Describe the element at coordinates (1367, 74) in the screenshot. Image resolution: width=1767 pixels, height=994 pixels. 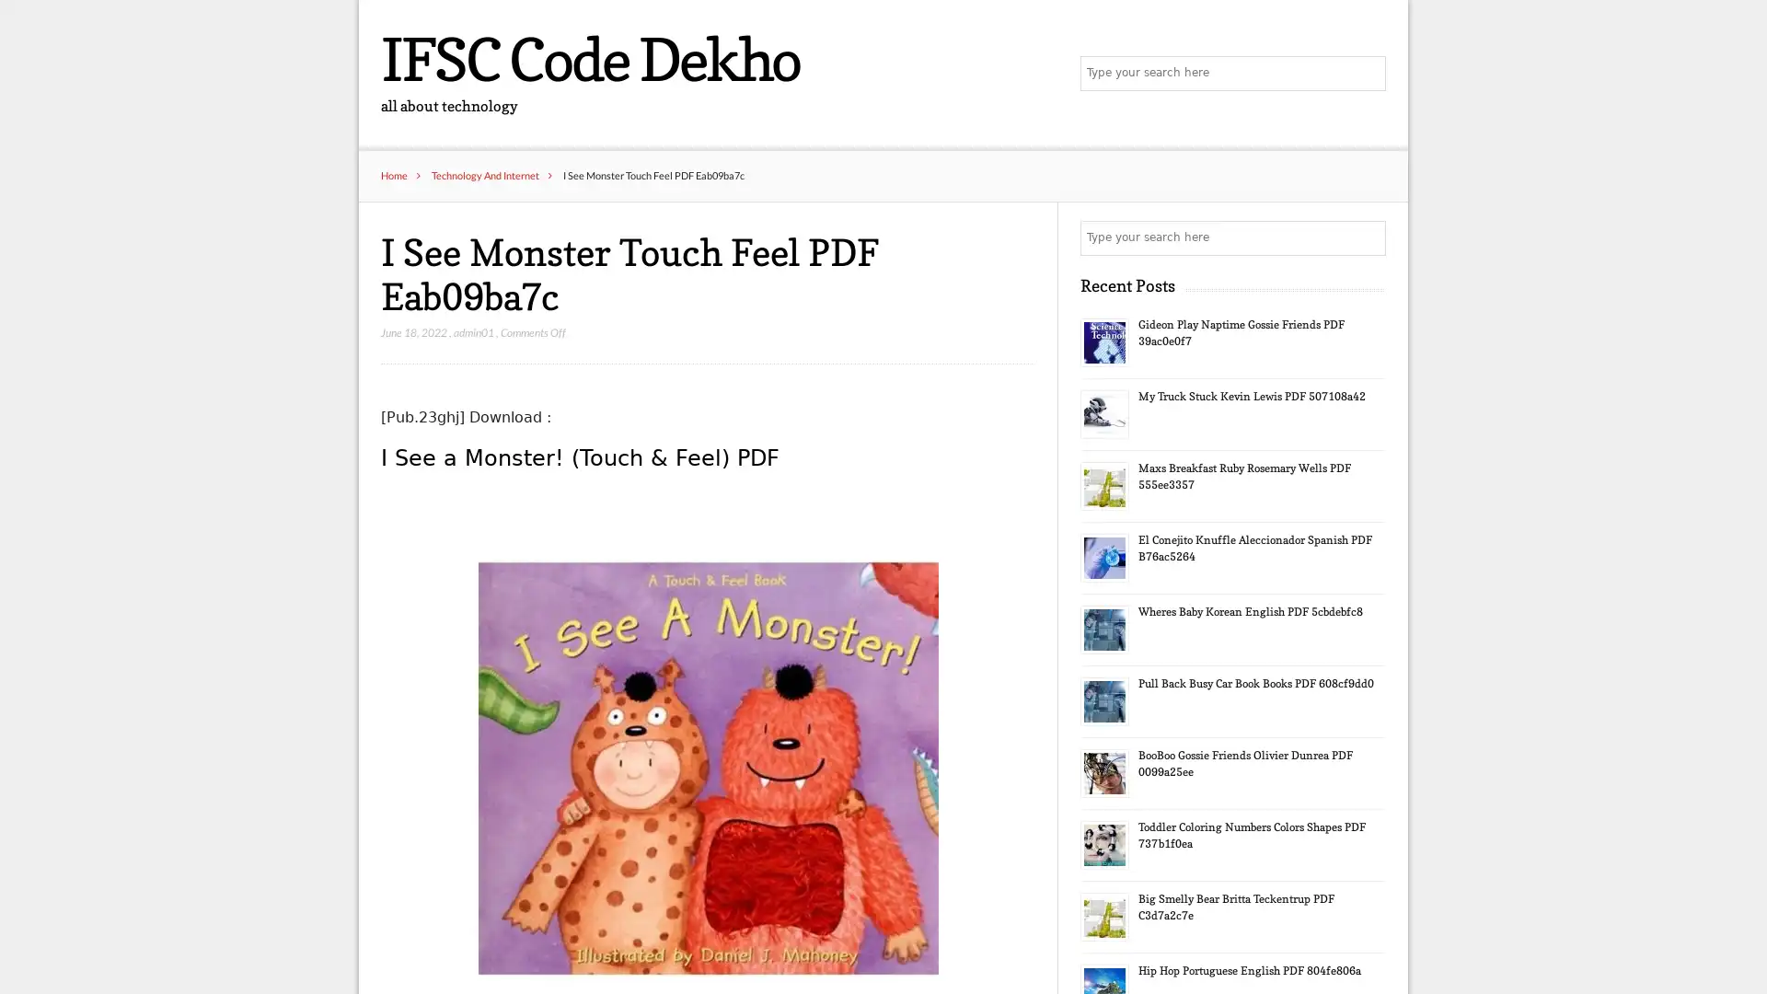
I see `Search` at that location.